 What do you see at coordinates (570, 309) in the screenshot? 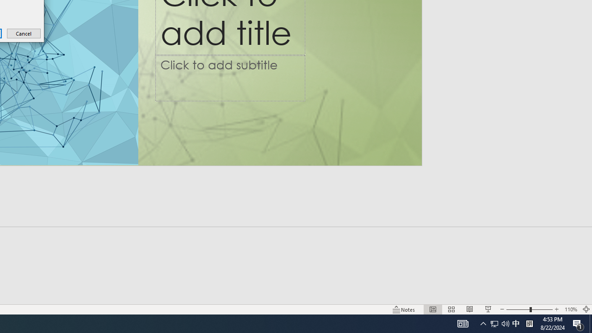
I see `'Zoom 110%'` at bounding box center [570, 309].